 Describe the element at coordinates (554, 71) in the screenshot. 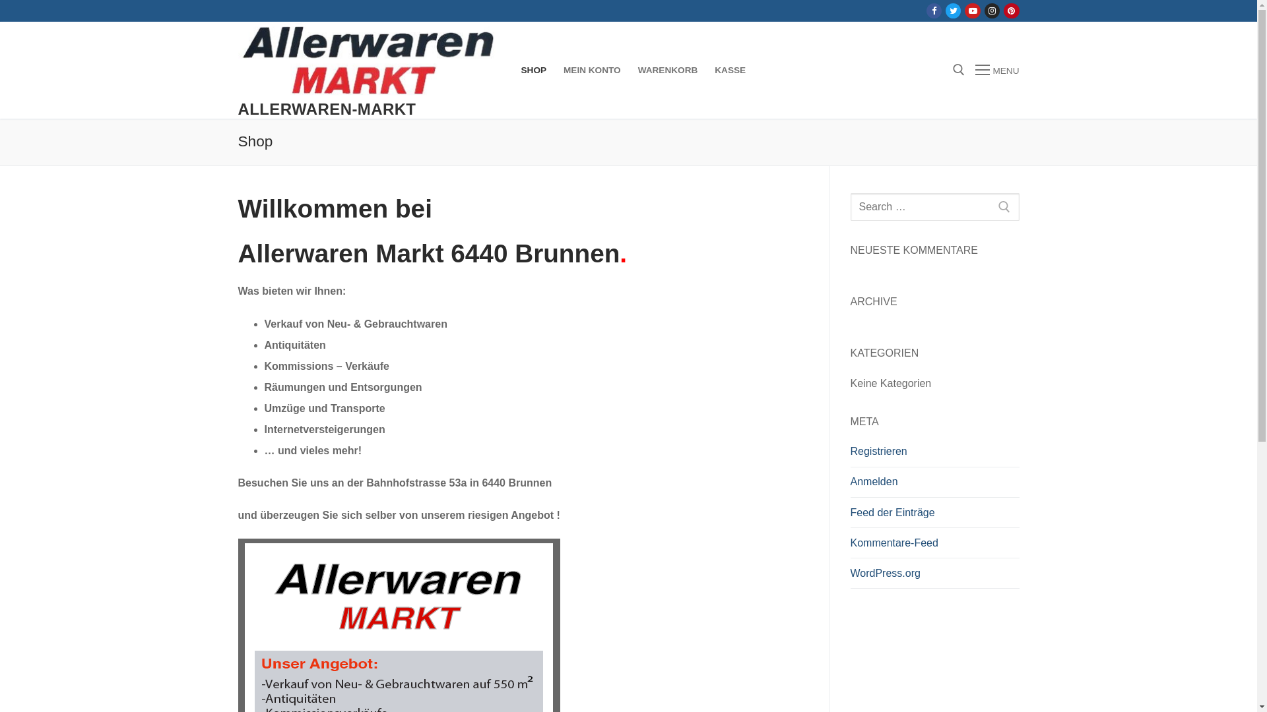

I see `'MEIN KONTO'` at that location.